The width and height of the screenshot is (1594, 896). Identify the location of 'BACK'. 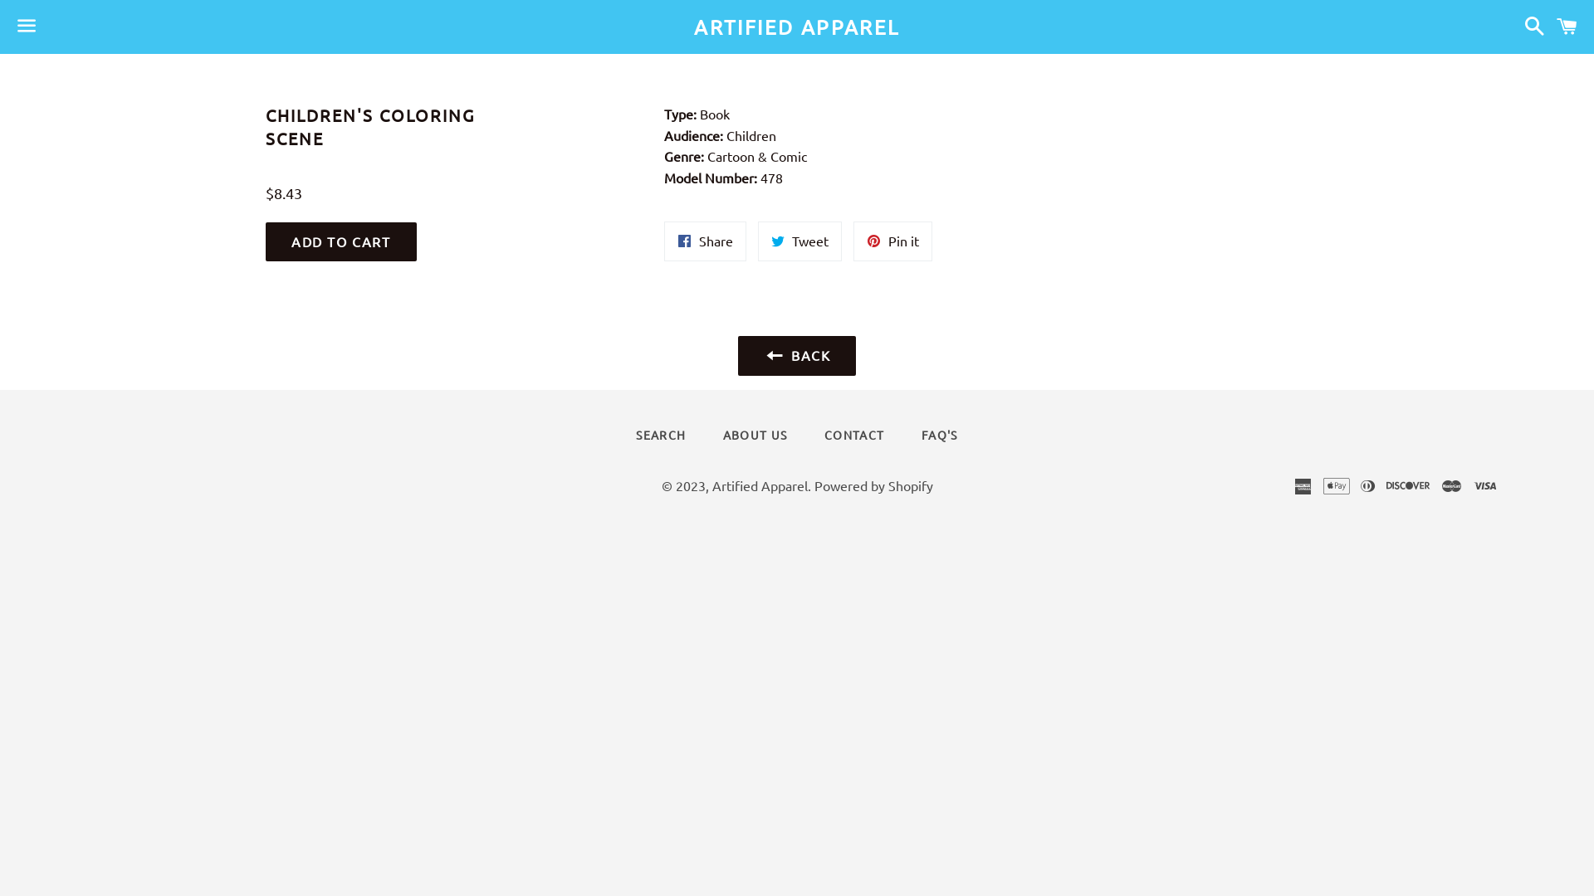
(797, 354).